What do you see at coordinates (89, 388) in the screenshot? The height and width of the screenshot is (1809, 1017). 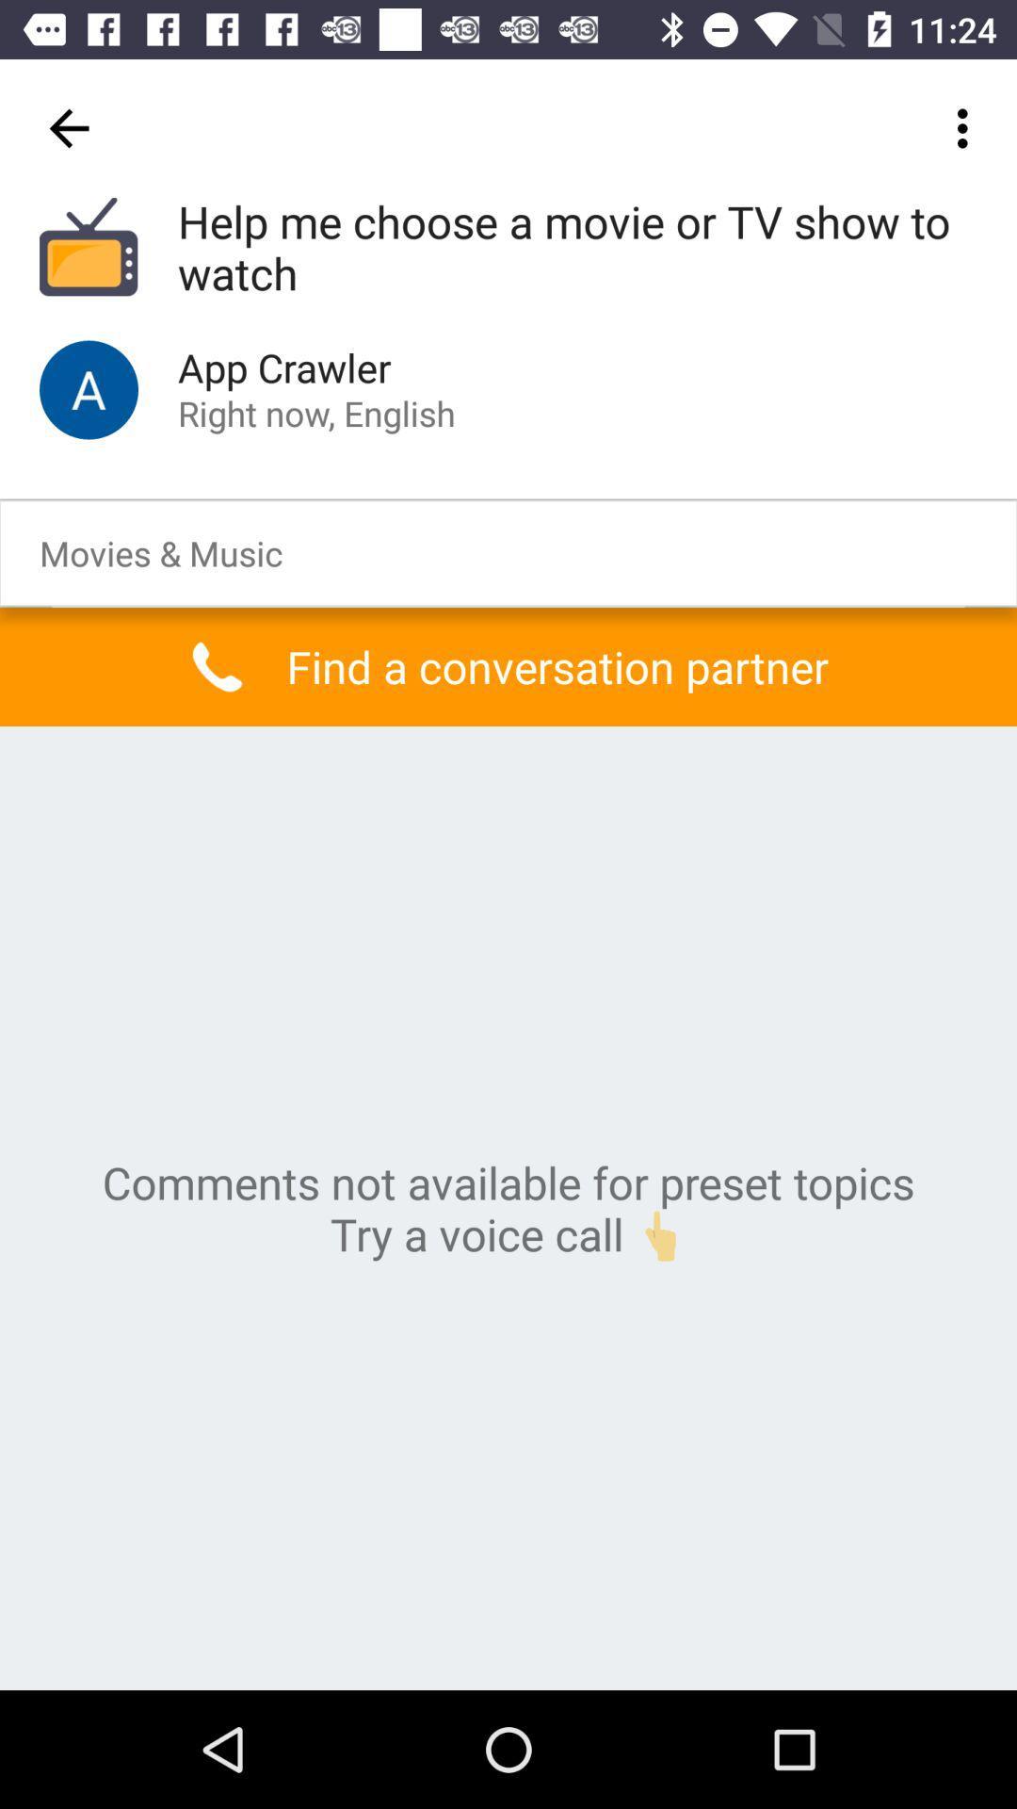 I see `open app crawler` at bounding box center [89, 388].